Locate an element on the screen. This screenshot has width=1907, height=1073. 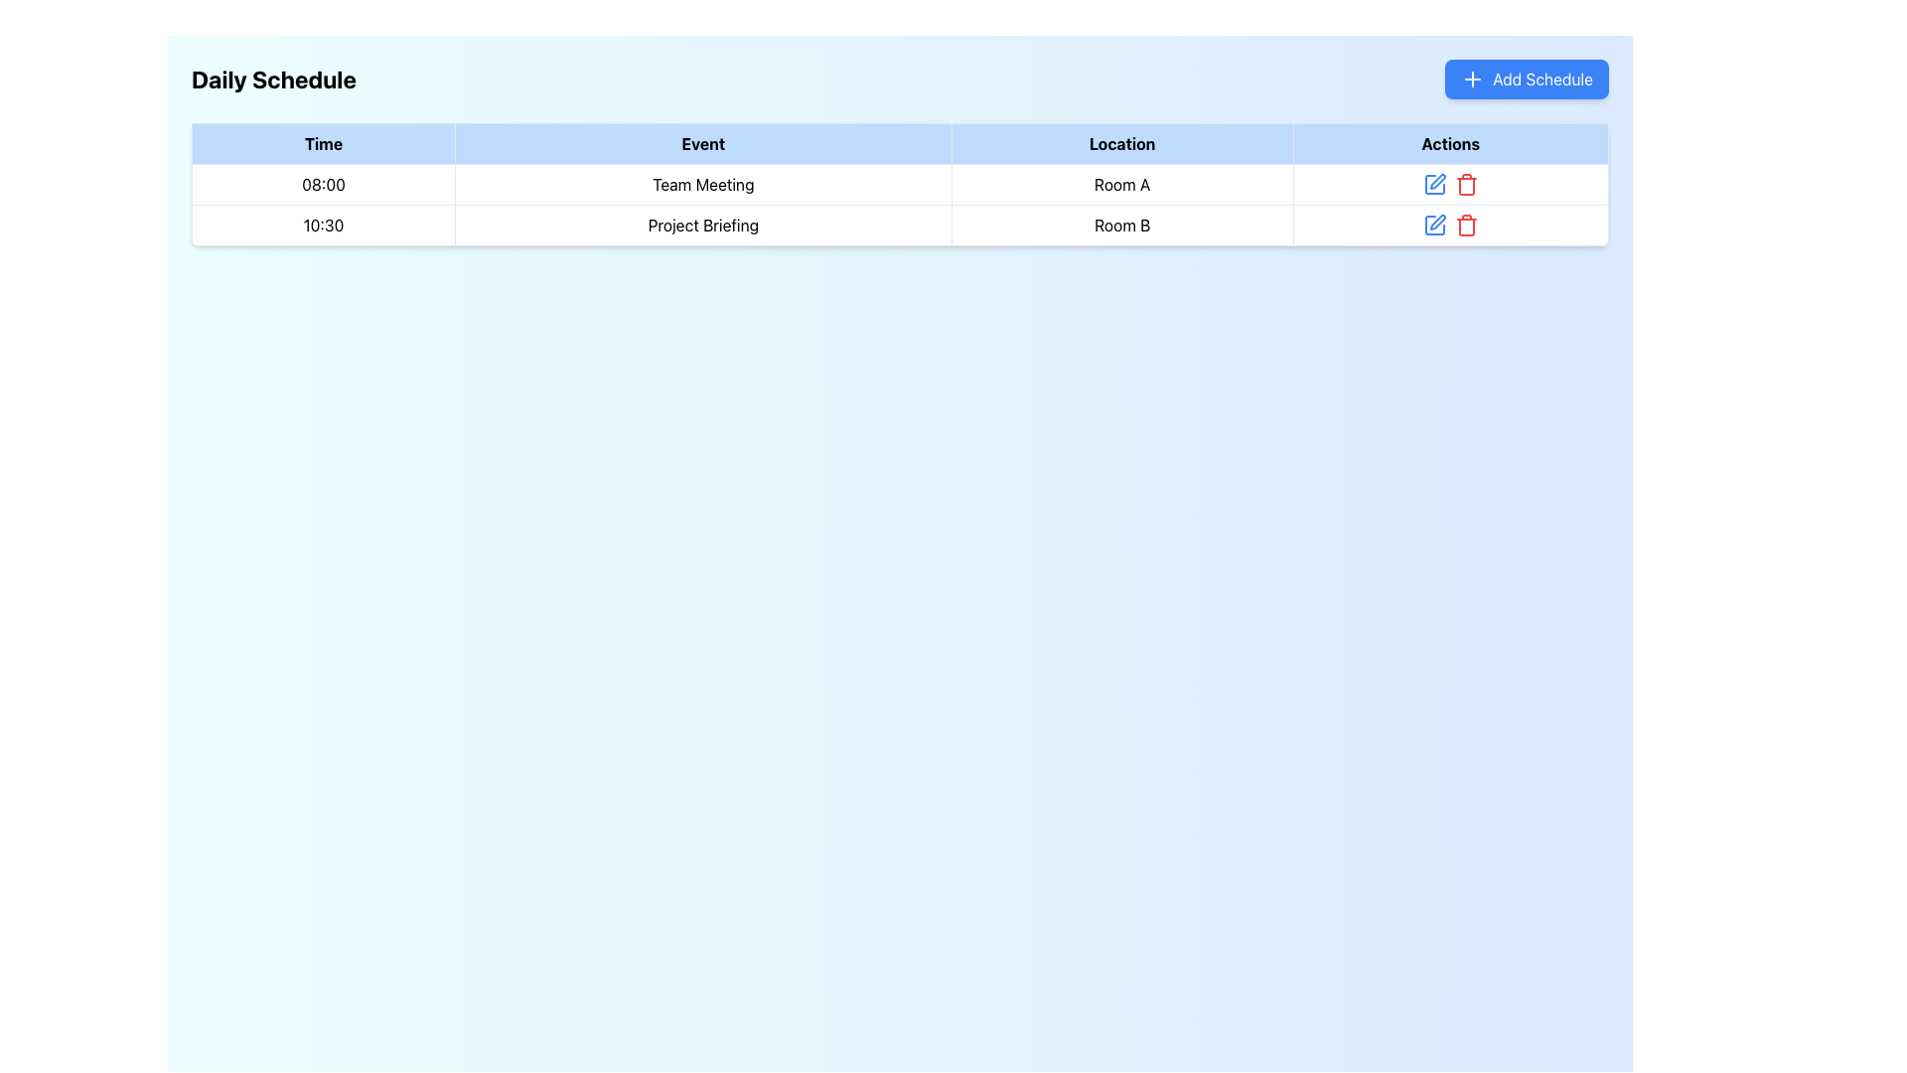
the 'Location' table header cell, which is the third column header in a table layout, indicating the data below pertains to locations is located at coordinates (1122, 143).